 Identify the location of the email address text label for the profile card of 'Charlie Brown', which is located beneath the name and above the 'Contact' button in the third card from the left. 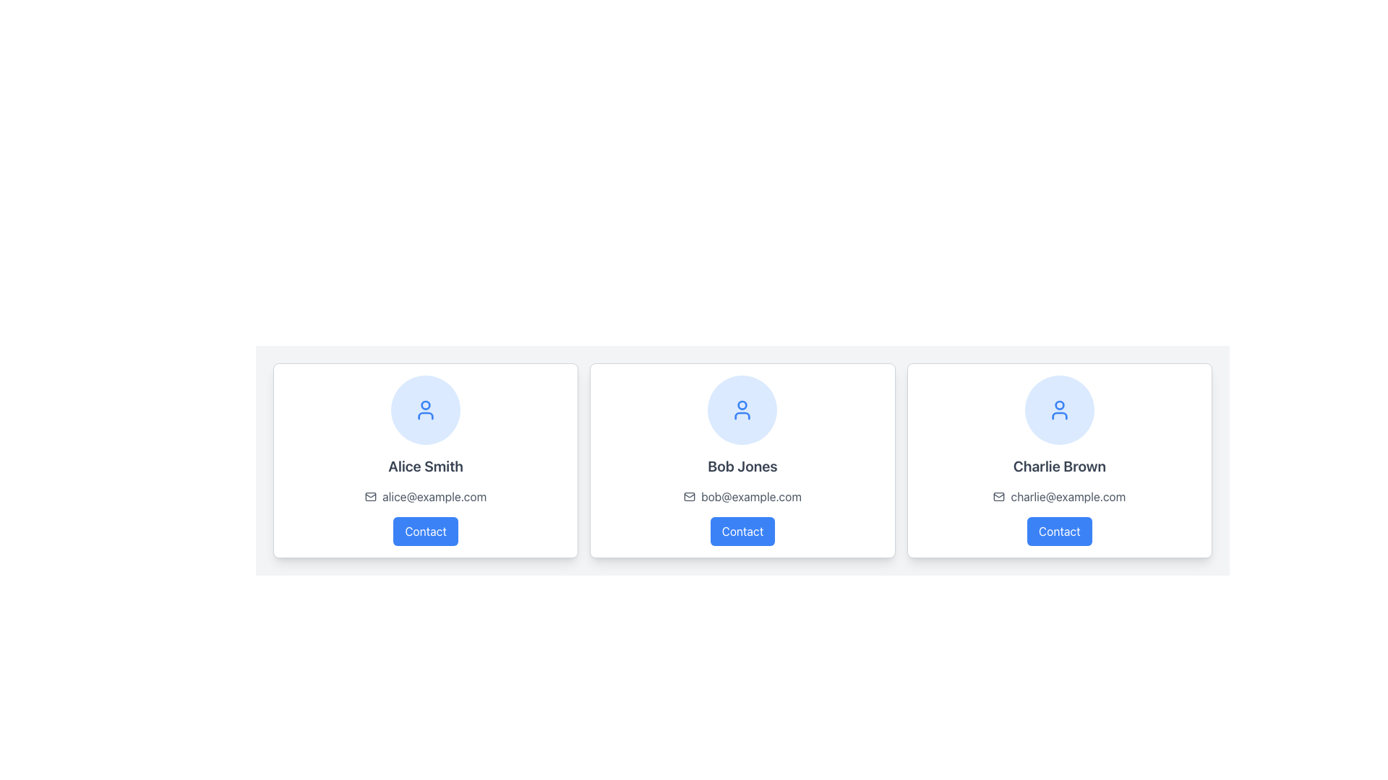
(1059, 495).